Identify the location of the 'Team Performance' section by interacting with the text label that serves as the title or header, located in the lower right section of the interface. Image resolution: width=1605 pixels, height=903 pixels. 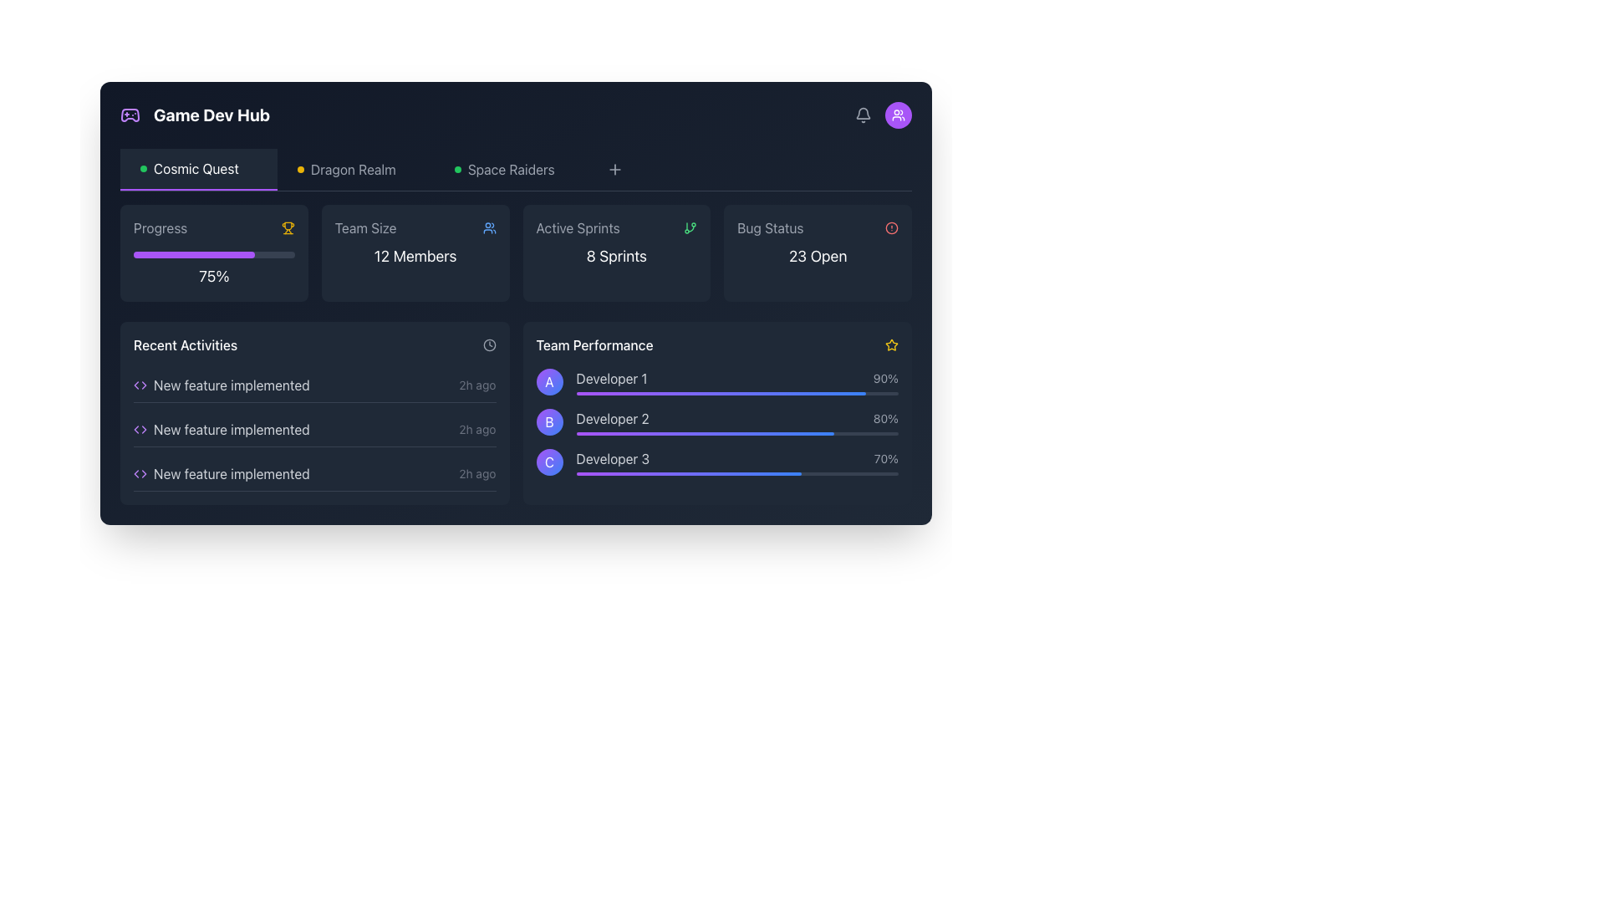
(717, 344).